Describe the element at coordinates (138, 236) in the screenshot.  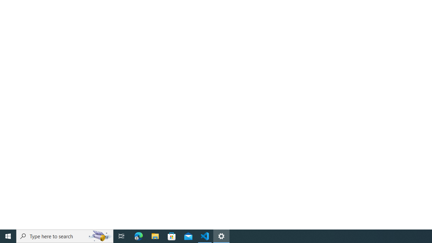
I see `'Microsoft Edge'` at that location.